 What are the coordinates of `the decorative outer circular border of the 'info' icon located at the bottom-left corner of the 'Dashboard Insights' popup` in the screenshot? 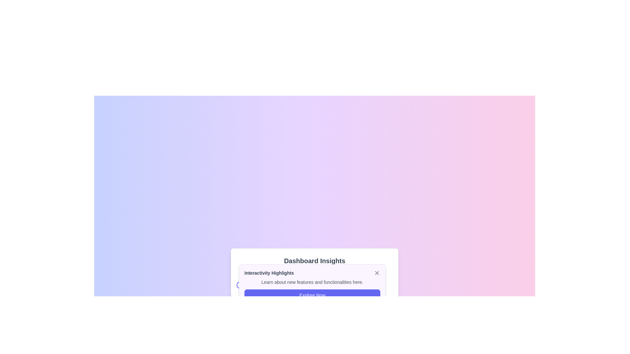 It's located at (240, 285).